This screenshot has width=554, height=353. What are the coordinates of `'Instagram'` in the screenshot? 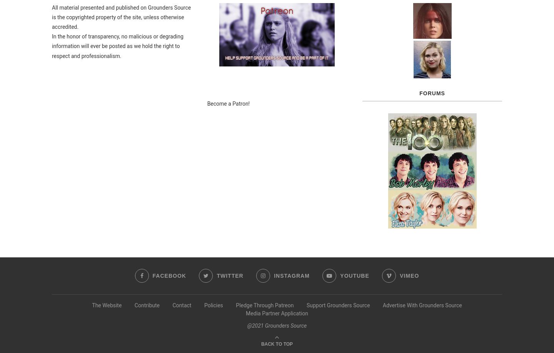 It's located at (291, 275).